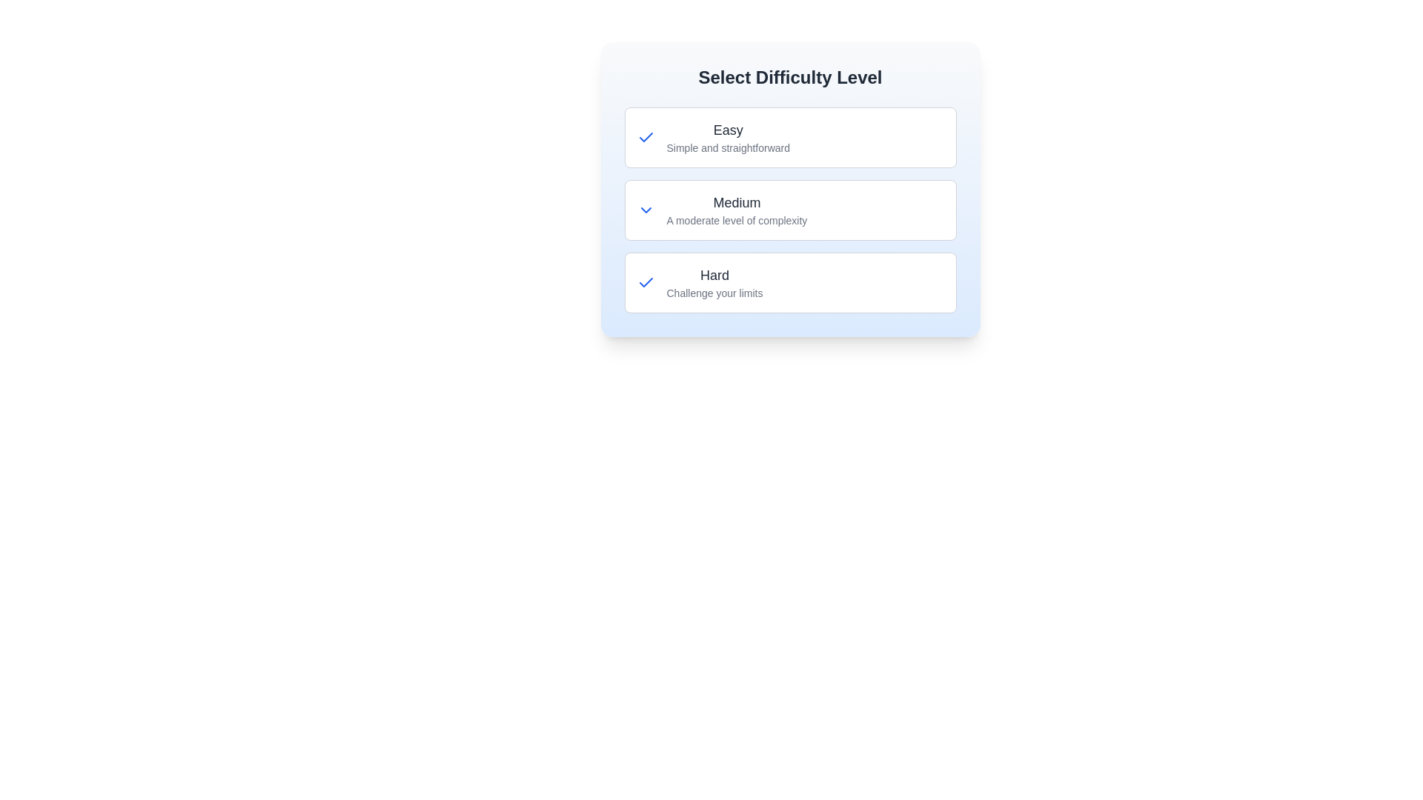  Describe the element at coordinates (737, 202) in the screenshot. I see `the title text for the 'Medium' difficulty level in the difficulty selection interface, which is located between the Easy and Hard cards` at that location.